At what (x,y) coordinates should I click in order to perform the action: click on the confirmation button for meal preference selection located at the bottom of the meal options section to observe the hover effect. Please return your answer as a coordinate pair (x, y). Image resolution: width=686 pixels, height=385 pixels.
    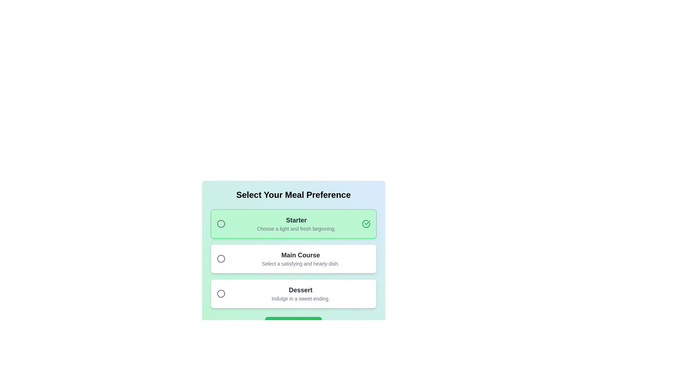
    Looking at the image, I should click on (293, 324).